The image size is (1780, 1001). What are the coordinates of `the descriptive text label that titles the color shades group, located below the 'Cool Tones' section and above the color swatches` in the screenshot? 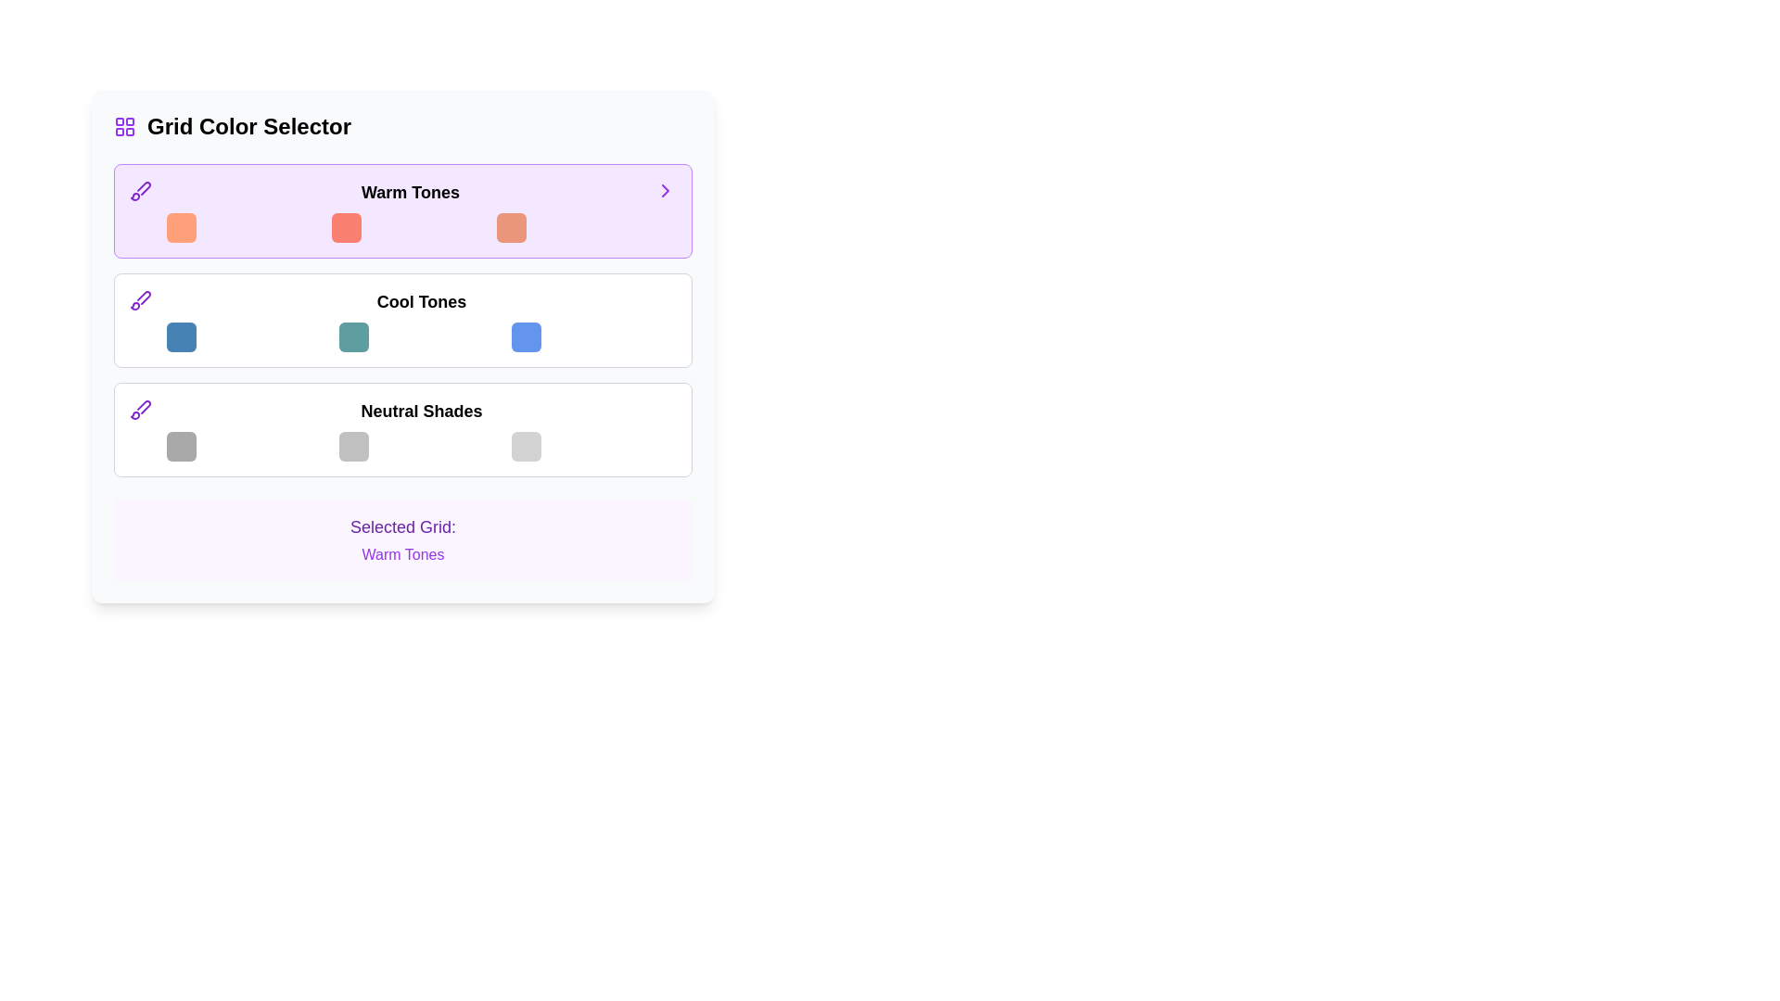 It's located at (421, 410).